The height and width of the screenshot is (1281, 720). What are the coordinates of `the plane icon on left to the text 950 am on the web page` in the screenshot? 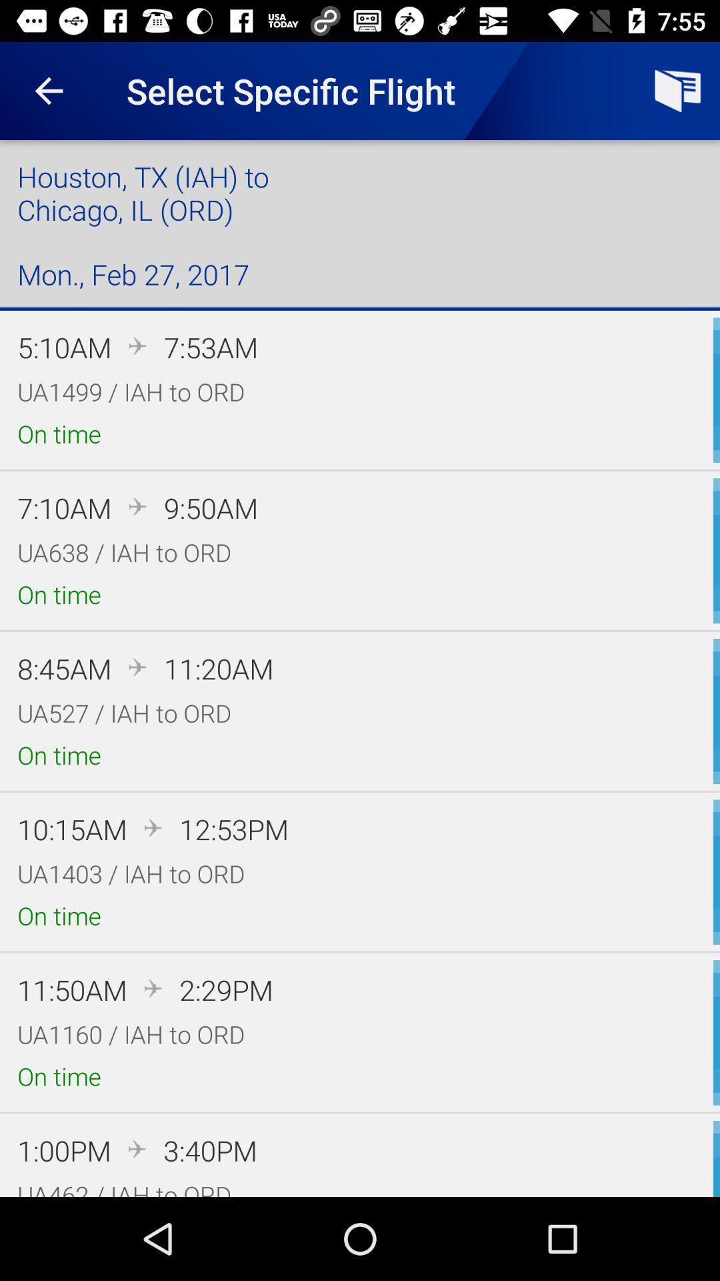 It's located at (138, 506).